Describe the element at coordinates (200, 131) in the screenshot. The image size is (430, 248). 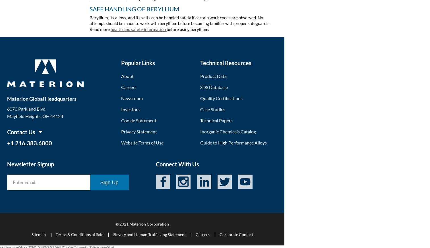
I see `'Inorganic Chemicals Catalog'` at that location.